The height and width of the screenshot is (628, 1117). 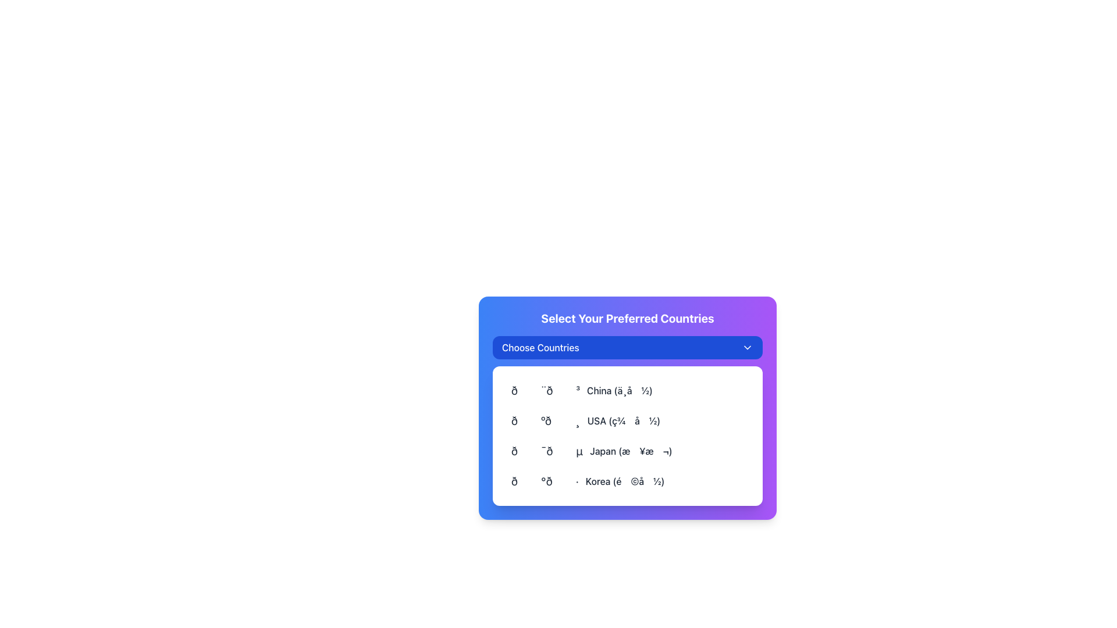 What do you see at coordinates (586, 421) in the screenshot?
I see `the selectable list item for 'USA' in the dropdown menu` at bounding box center [586, 421].